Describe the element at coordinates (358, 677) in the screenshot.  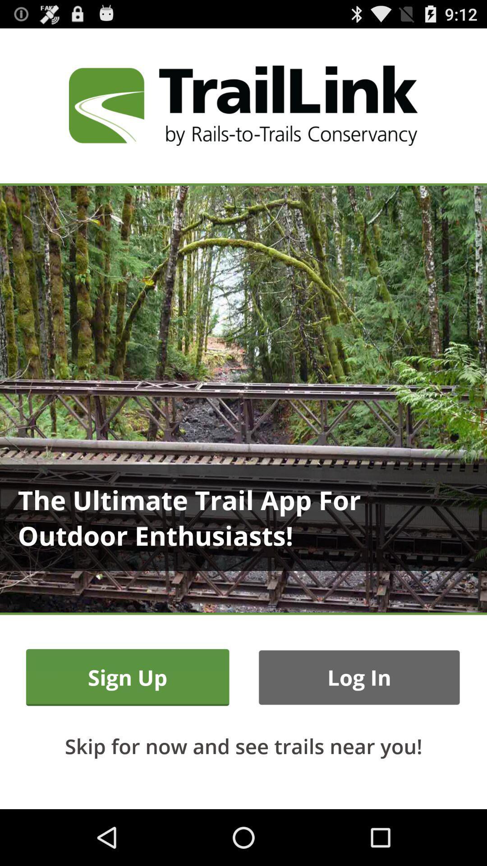
I see `log in item` at that location.